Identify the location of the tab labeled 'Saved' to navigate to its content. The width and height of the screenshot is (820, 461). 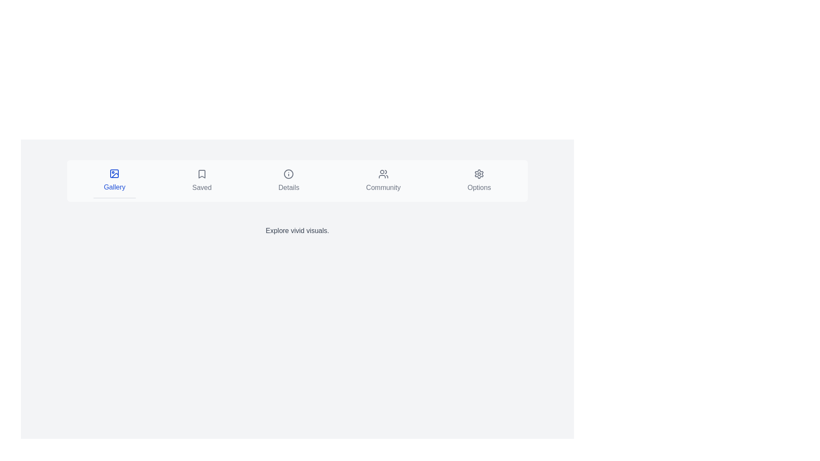
(201, 181).